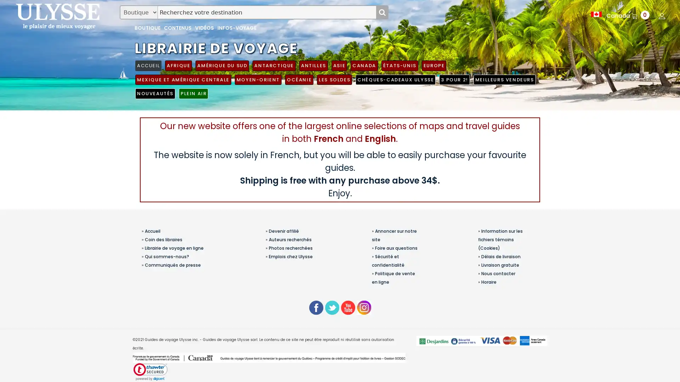 Image resolution: width=680 pixels, height=382 pixels. Describe the element at coordinates (257, 79) in the screenshot. I see `MOYEN-ORIENT` at that location.